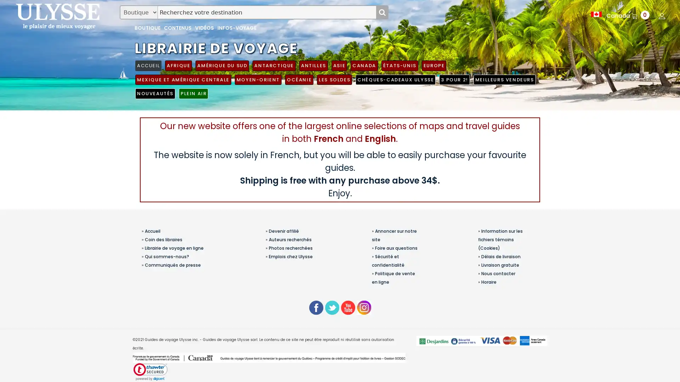 Image resolution: width=680 pixels, height=382 pixels. Describe the element at coordinates (257, 79) in the screenshot. I see `MOYEN-ORIENT` at that location.